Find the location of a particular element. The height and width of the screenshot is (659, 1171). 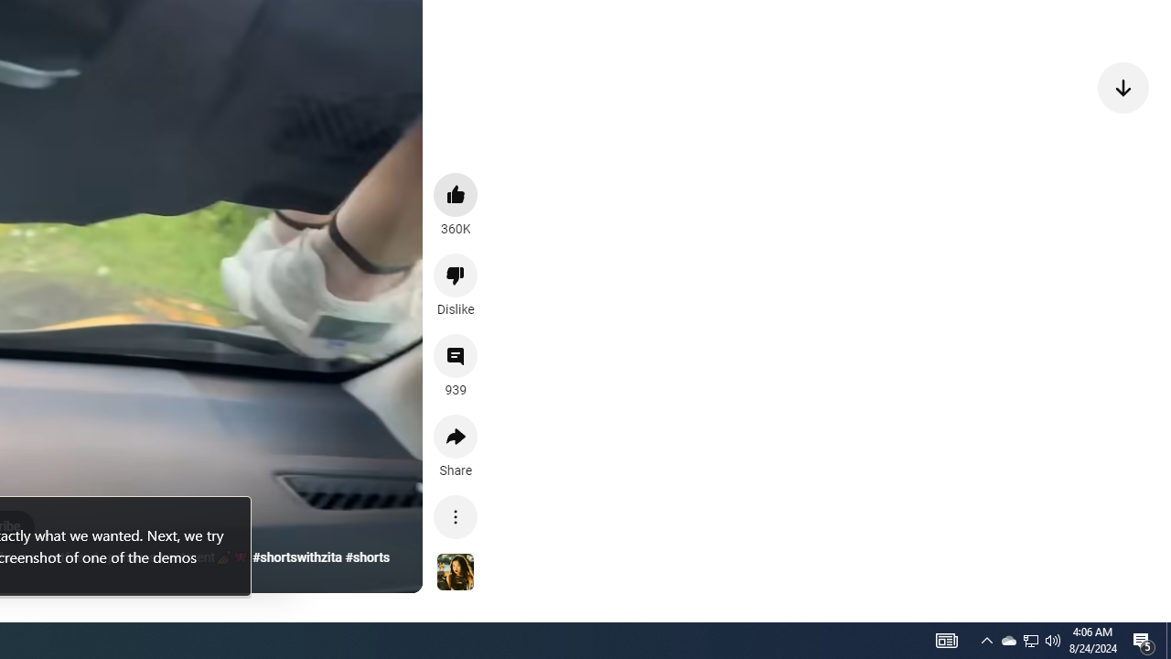

'See more videos using this sound' is located at coordinates (455, 572).